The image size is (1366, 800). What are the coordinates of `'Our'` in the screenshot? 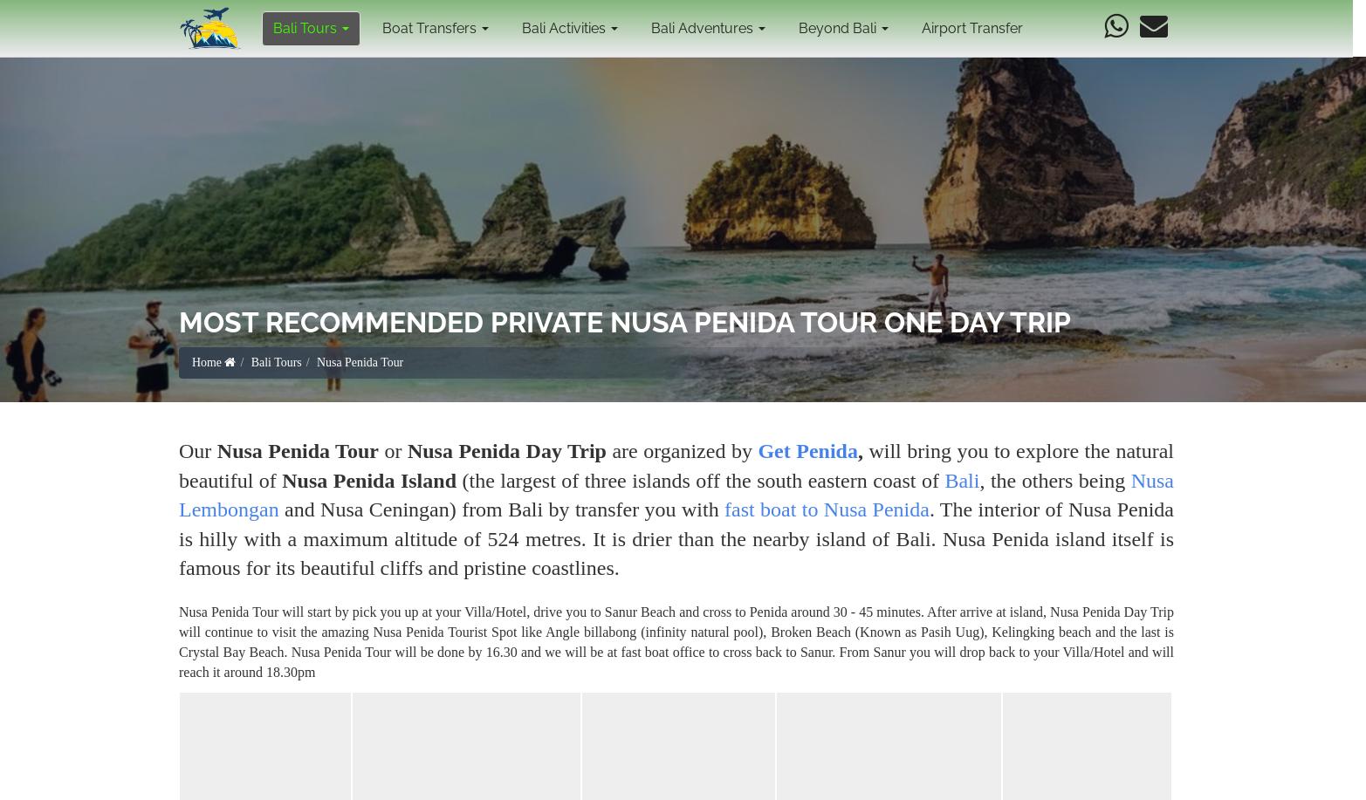 It's located at (197, 450).